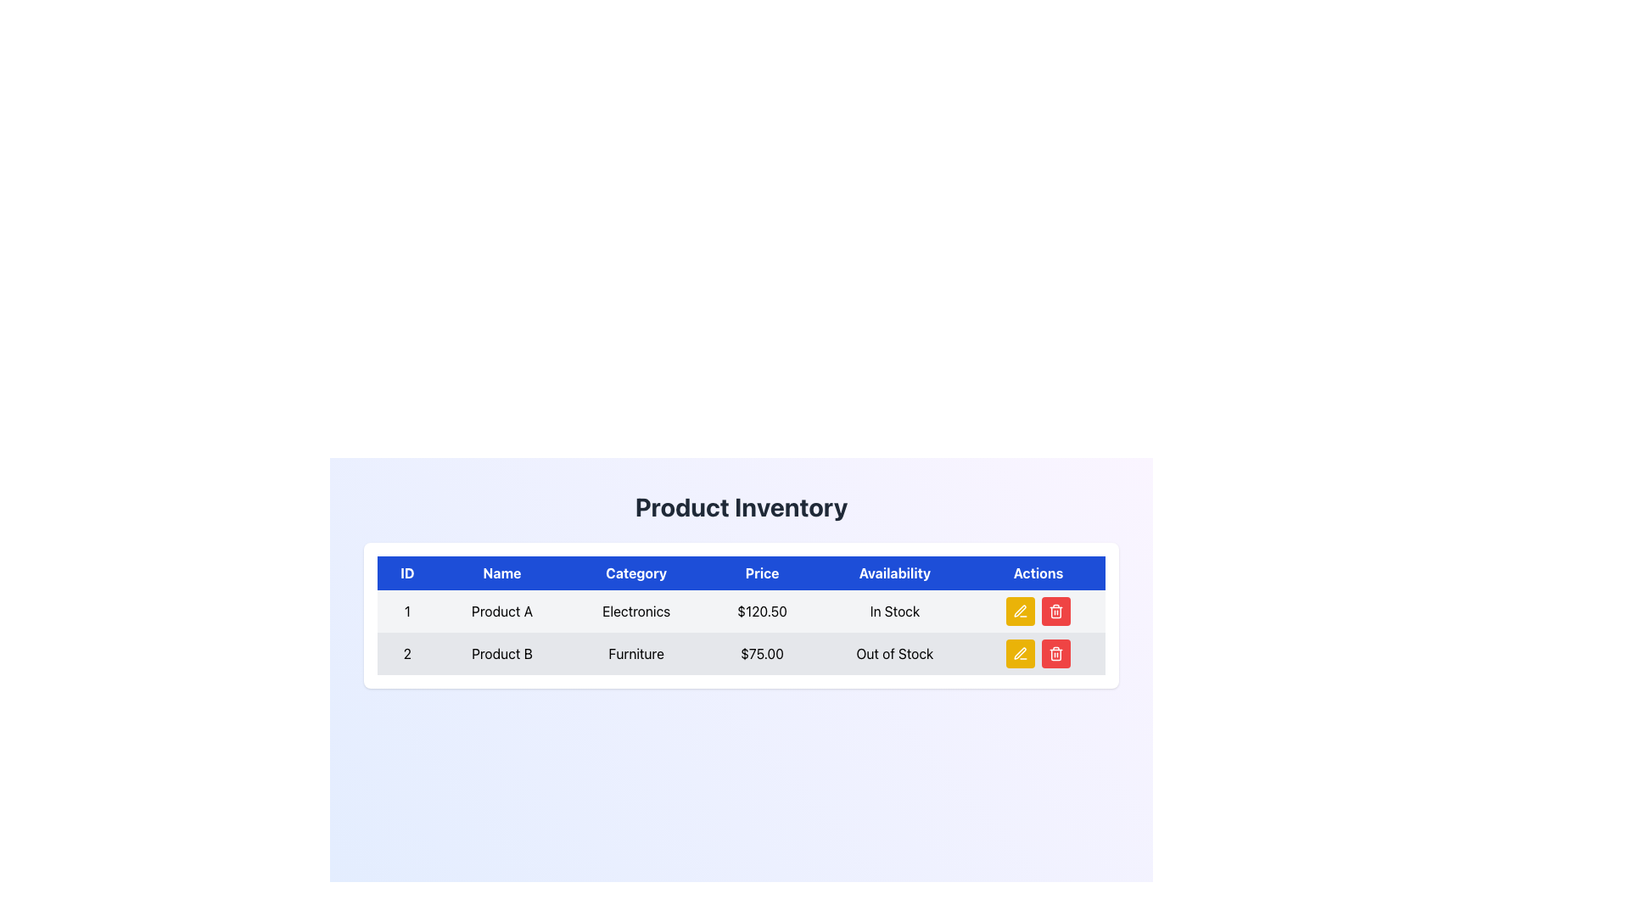 The image size is (1629, 916). I want to click on the delete icon located in the 'Actions' column of the last row of the table, which is positioned directly after the yellow pencil icon, so click(1055, 653).